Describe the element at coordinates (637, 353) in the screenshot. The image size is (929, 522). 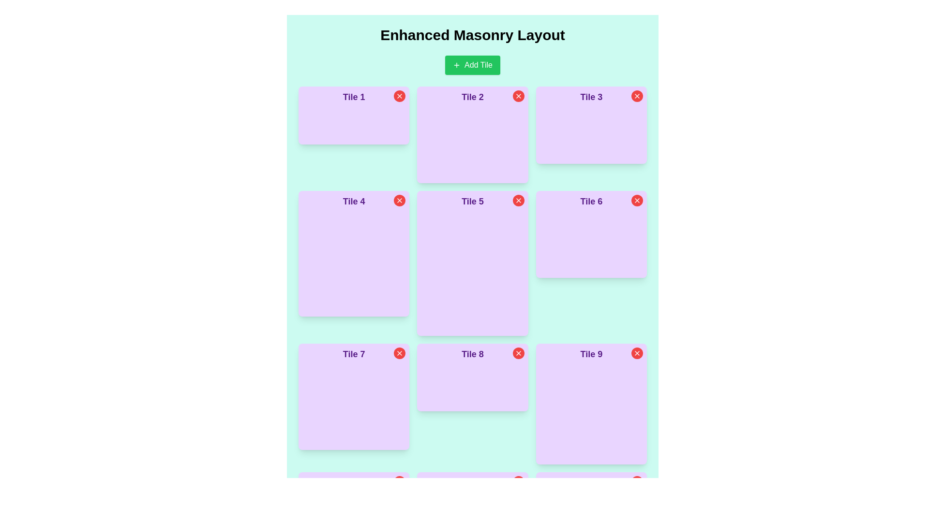
I see `the compact 'X' icon button with a red circular background located at the top-right corner of 'Tile 9' in the grid layout` at that location.